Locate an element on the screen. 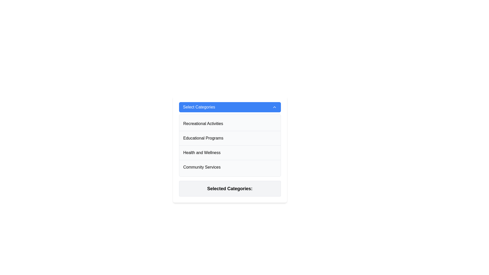  the 'Educational Programs' option in the selectable list to change its background color is located at coordinates (229, 138).